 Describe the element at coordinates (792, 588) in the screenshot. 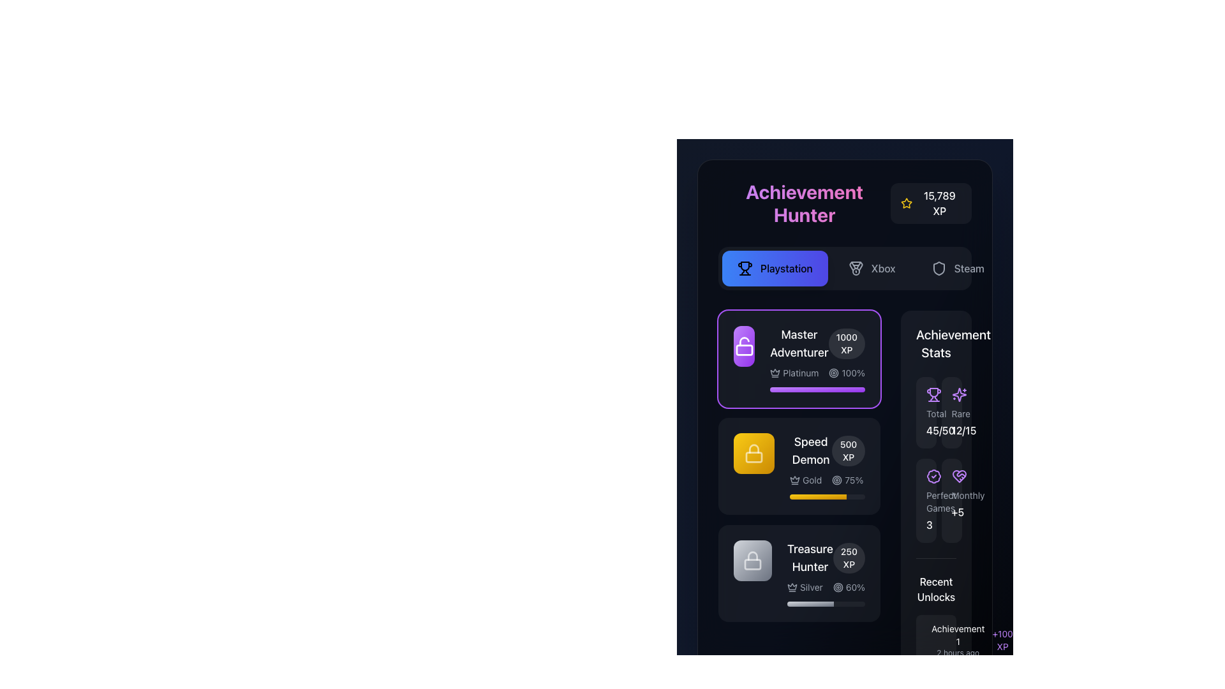

I see `the crown icon that represents the achievement's rank, located to the left of the 'Silver' text and part of the 'Treasure Hunter' box` at that location.